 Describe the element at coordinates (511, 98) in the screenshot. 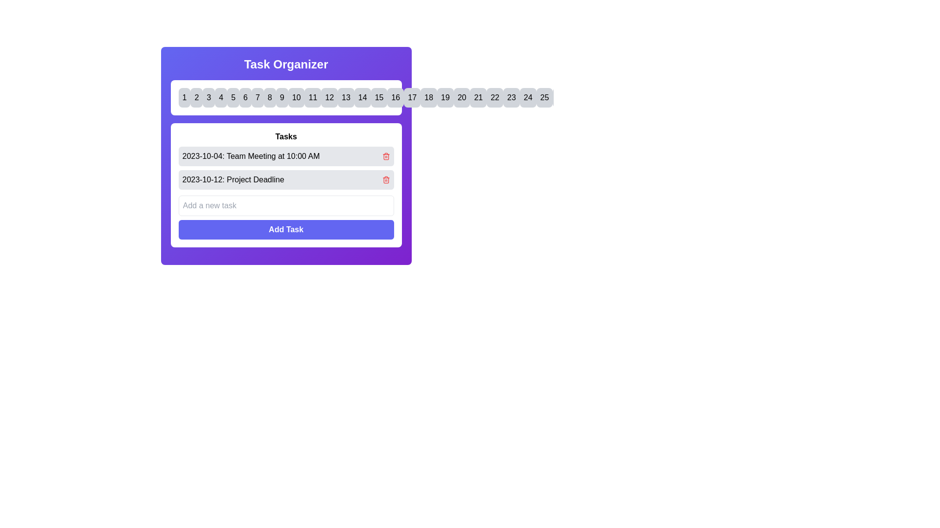

I see `the gray square button with rounded corners containing the number '23'` at that location.